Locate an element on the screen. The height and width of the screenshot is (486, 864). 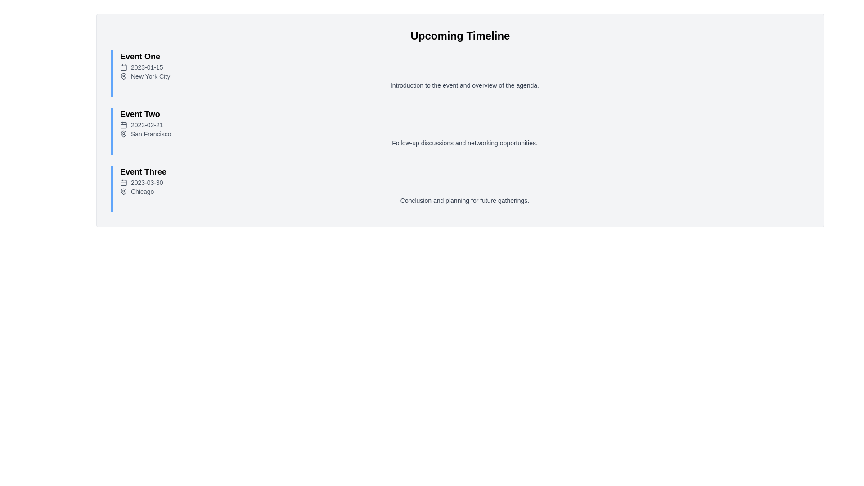
the icon representing the date associated with 'Event Two' is located at coordinates (123, 125).